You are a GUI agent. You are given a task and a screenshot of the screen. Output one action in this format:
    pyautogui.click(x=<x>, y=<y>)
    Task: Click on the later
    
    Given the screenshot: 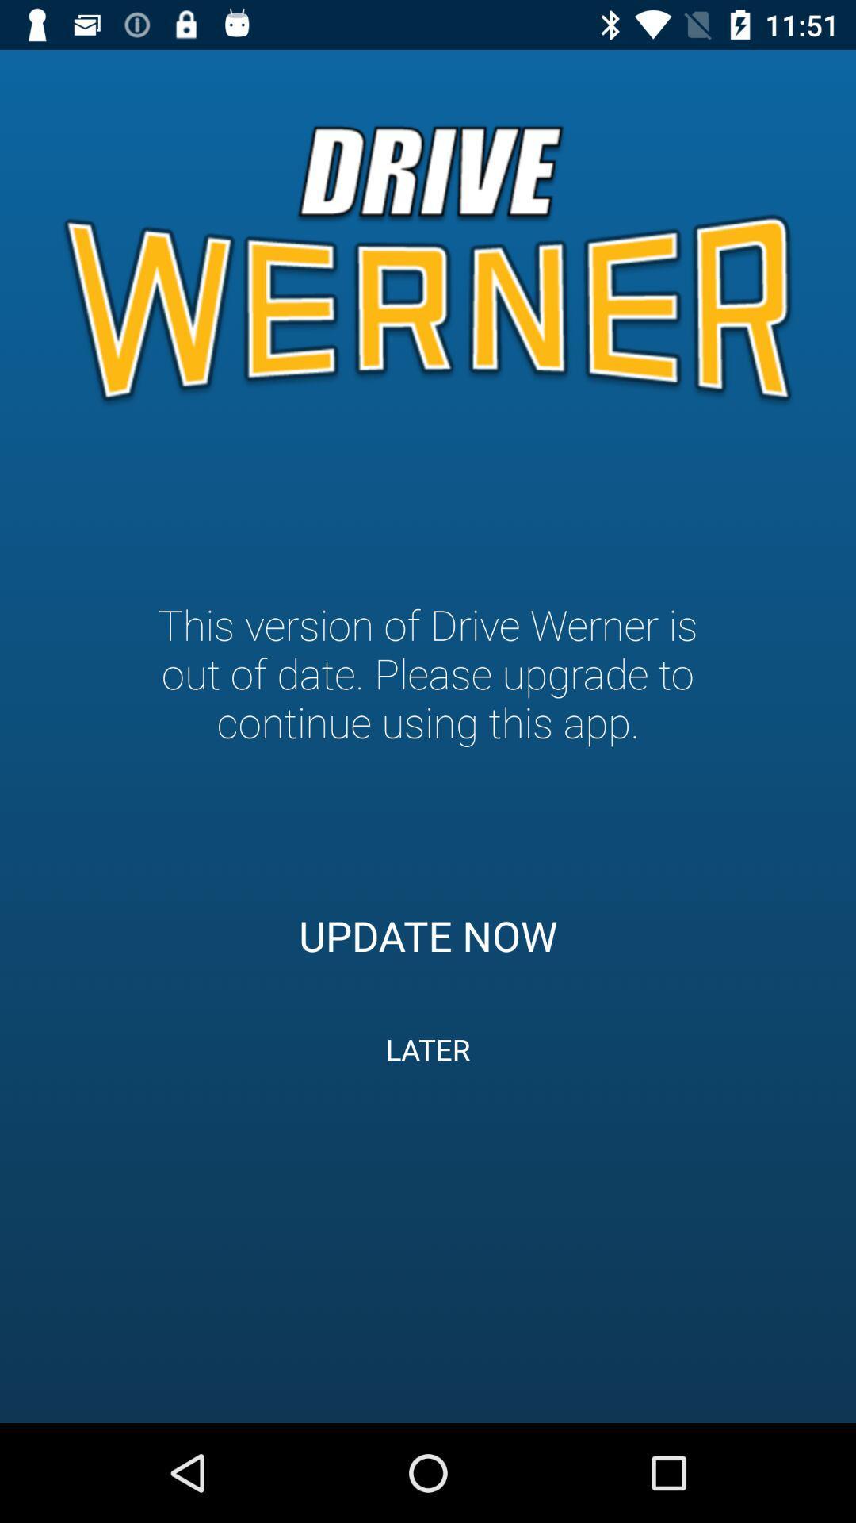 What is the action you would take?
    pyautogui.click(x=428, y=1049)
    